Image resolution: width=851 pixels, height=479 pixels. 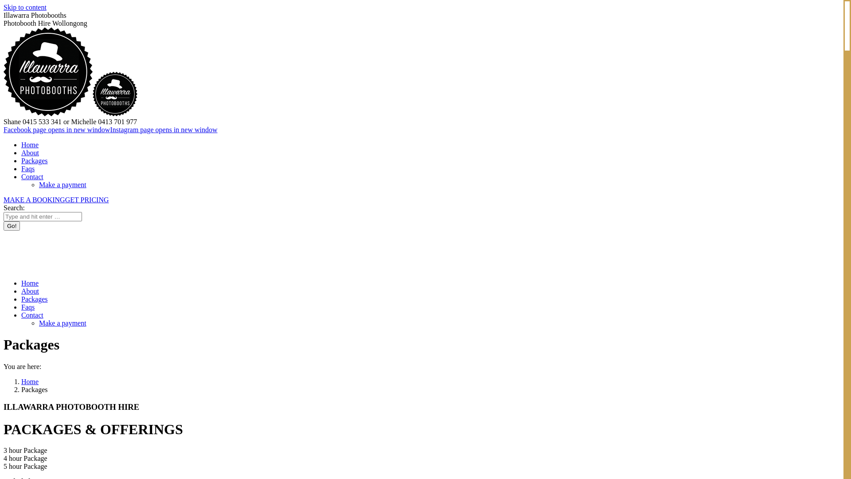 What do you see at coordinates (42, 216) in the screenshot?
I see `'Search form'` at bounding box center [42, 216].